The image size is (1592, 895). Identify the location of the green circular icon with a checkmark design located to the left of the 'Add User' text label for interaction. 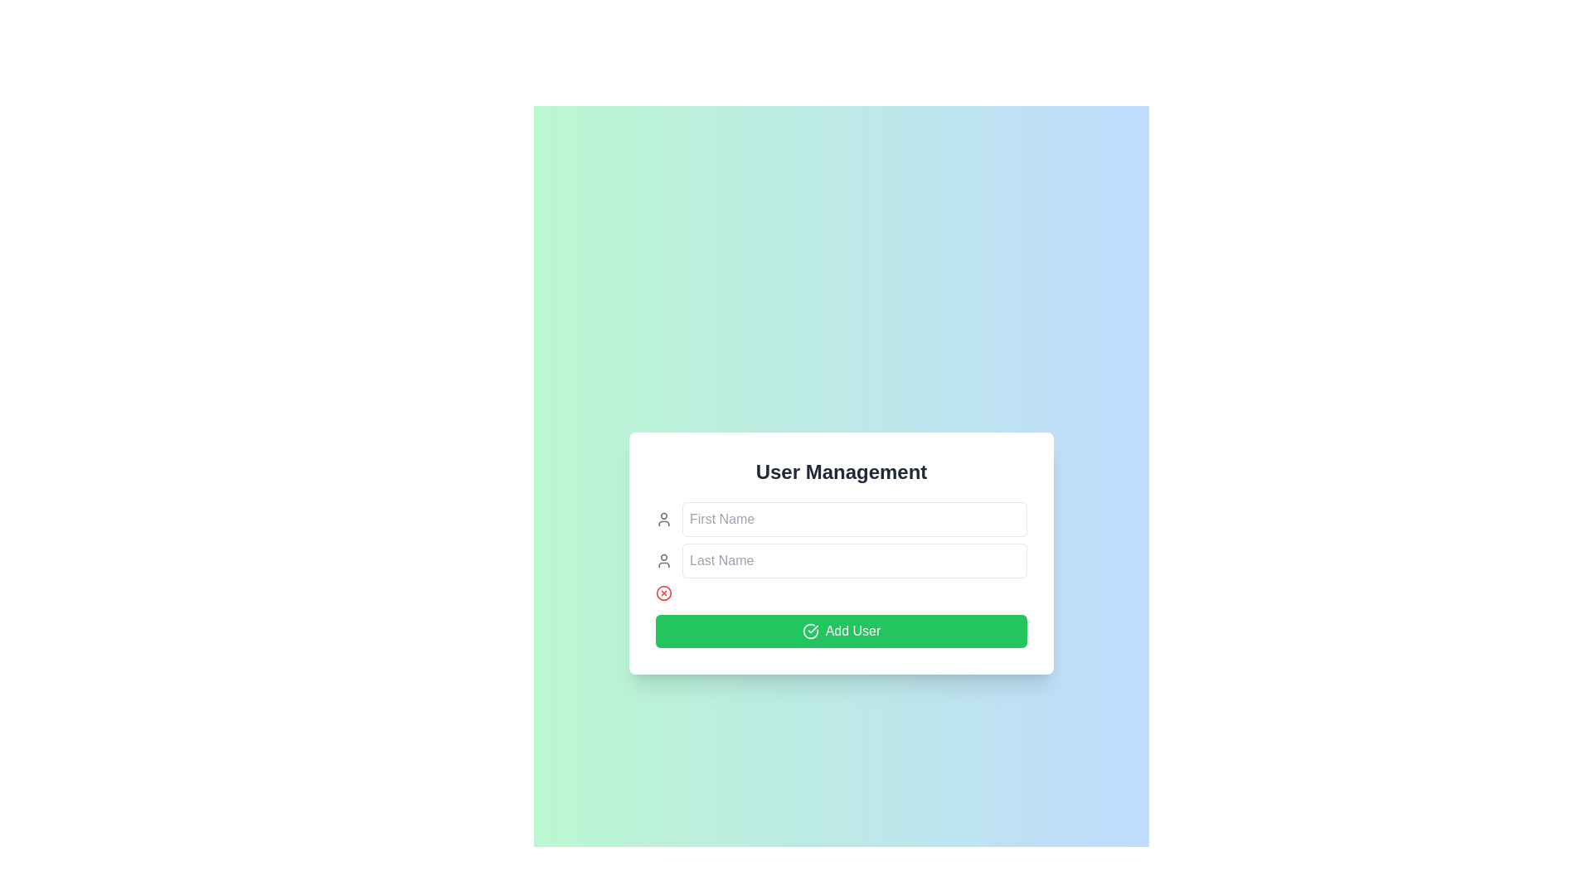
(810, 631).